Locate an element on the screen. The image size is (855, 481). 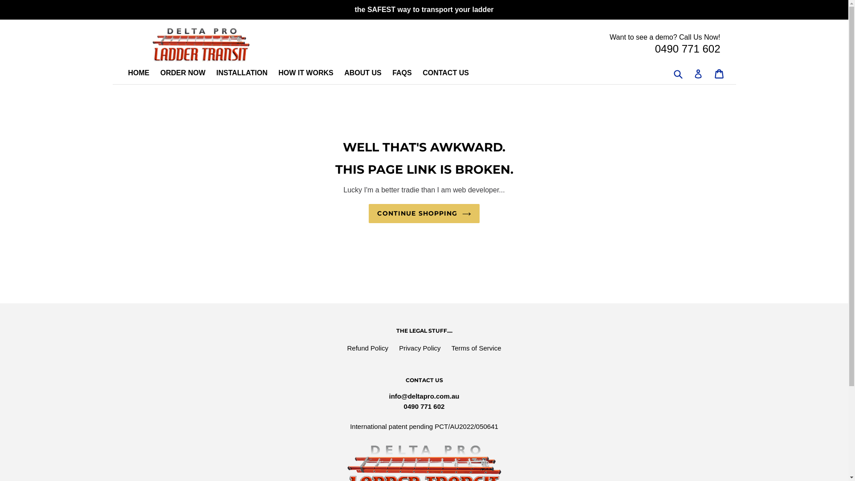
'ABOUT US' is located at coordinates (367, 73).